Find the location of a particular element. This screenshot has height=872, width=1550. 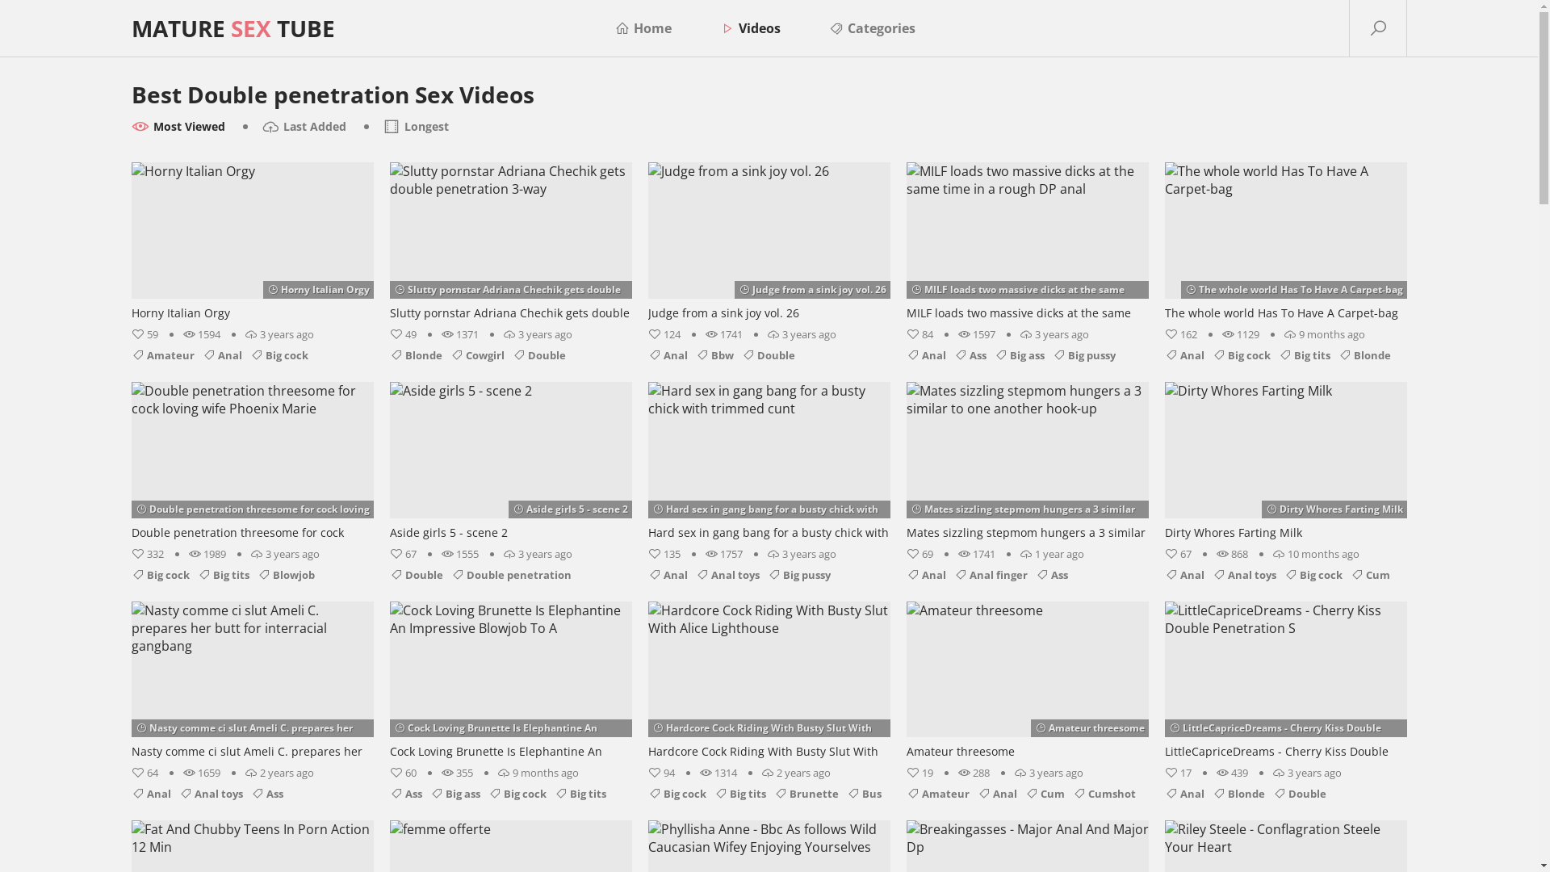

'Longest' is located at coordinates (415, 126).